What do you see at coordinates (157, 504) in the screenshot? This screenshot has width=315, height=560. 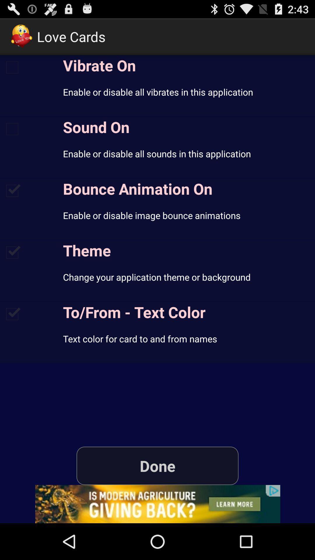 I see `advertisement` at bounding box center [157, 504].